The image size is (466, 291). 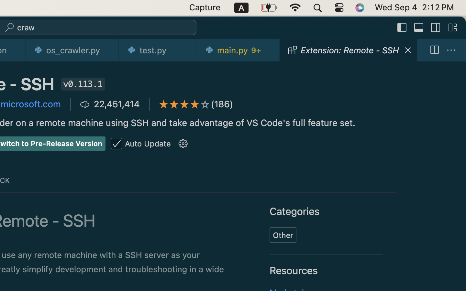 I want to click on '0 test.py  ', so click(x=158, y=50).